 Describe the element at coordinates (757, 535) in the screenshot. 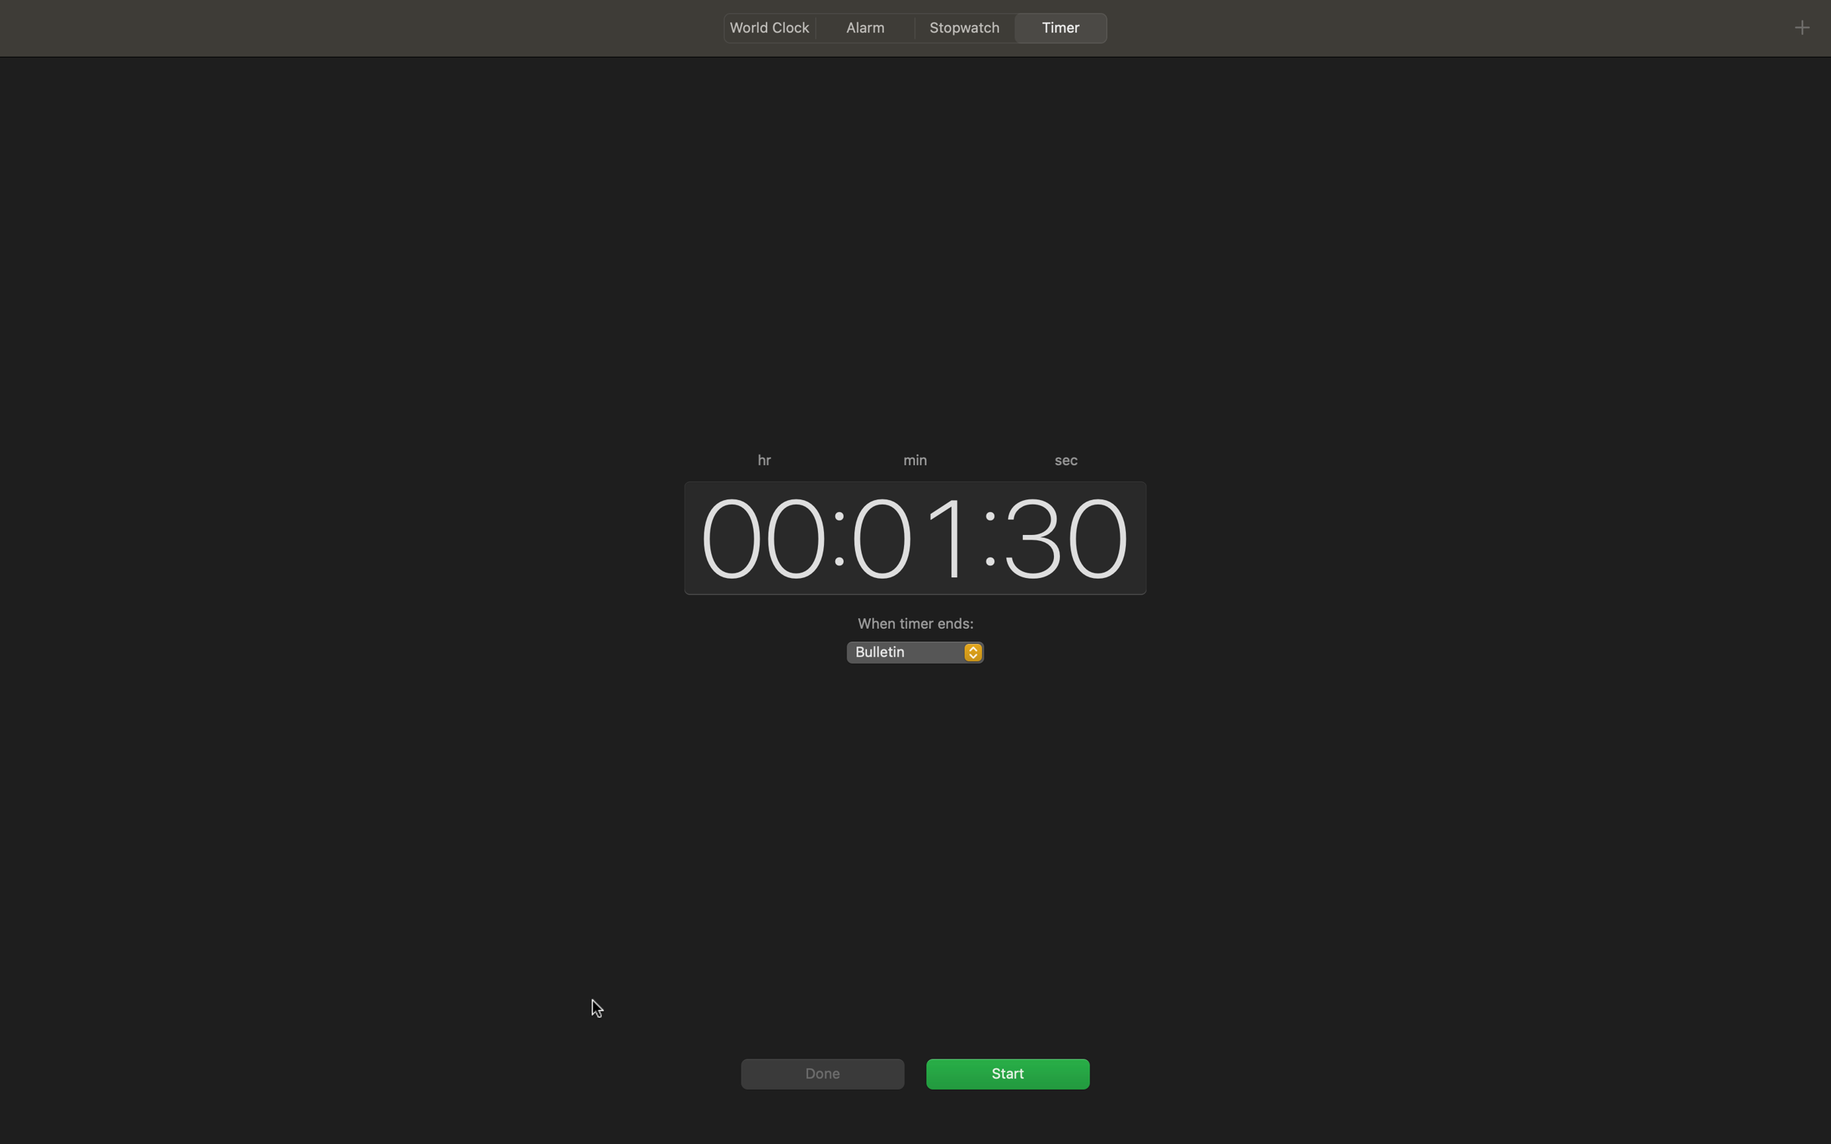

I see `Increase hours by 1` at that location.